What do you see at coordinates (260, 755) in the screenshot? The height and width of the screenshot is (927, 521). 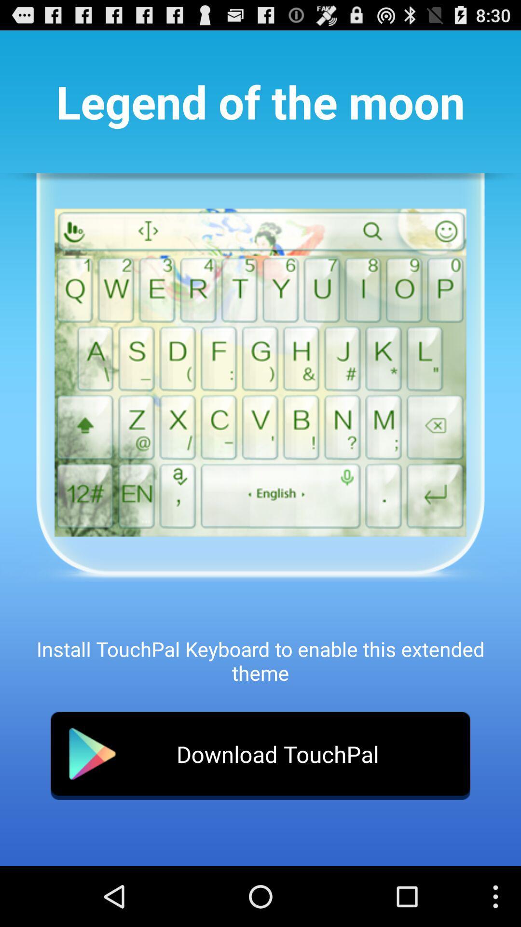 I see `the download touchpal` at bounding box center [260, 755].